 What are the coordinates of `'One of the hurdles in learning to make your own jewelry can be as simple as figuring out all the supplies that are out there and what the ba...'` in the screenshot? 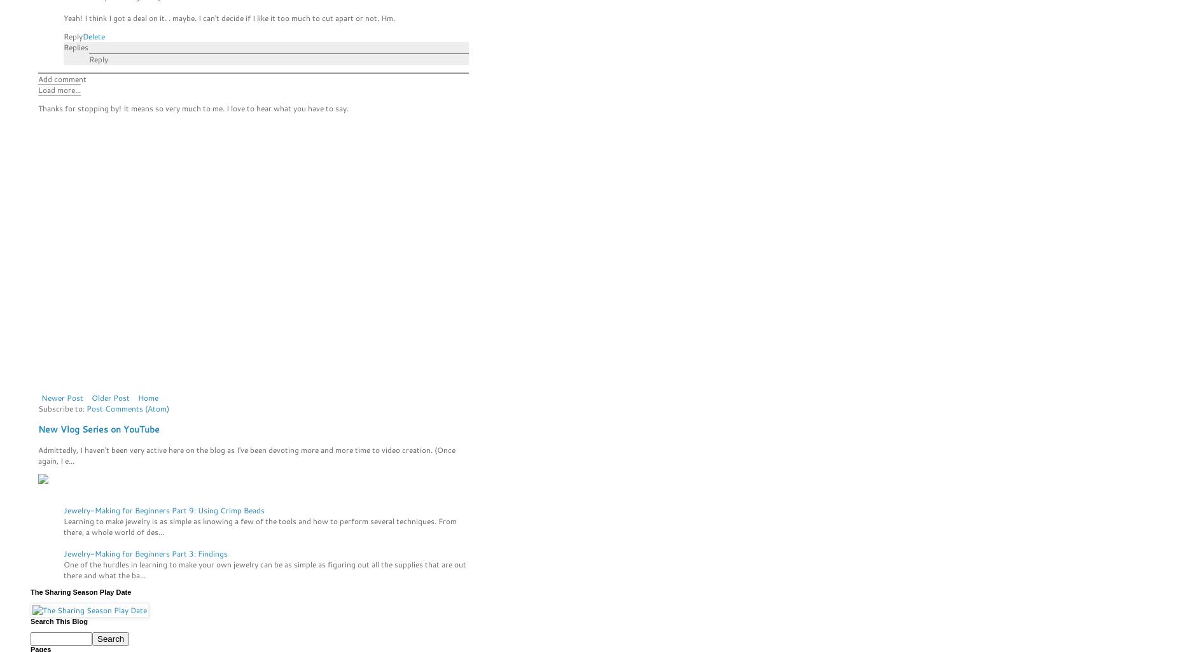 It's located at (264, 569).